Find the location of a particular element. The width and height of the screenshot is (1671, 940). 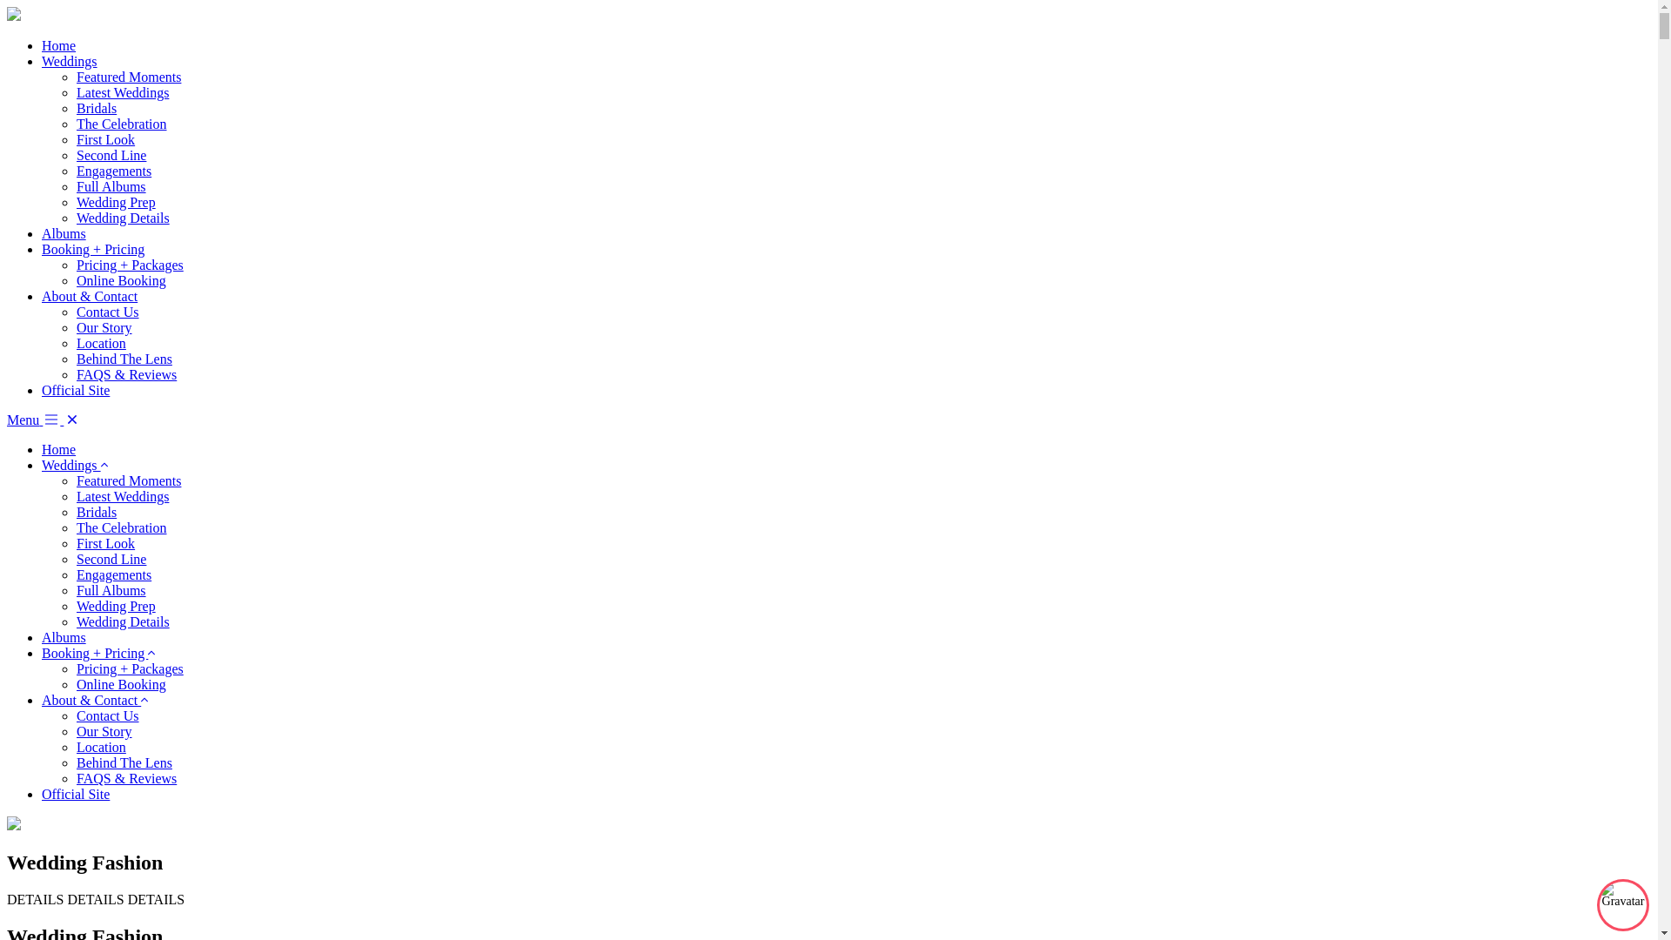

'The Celebration' is located at coordinates (120, 123).